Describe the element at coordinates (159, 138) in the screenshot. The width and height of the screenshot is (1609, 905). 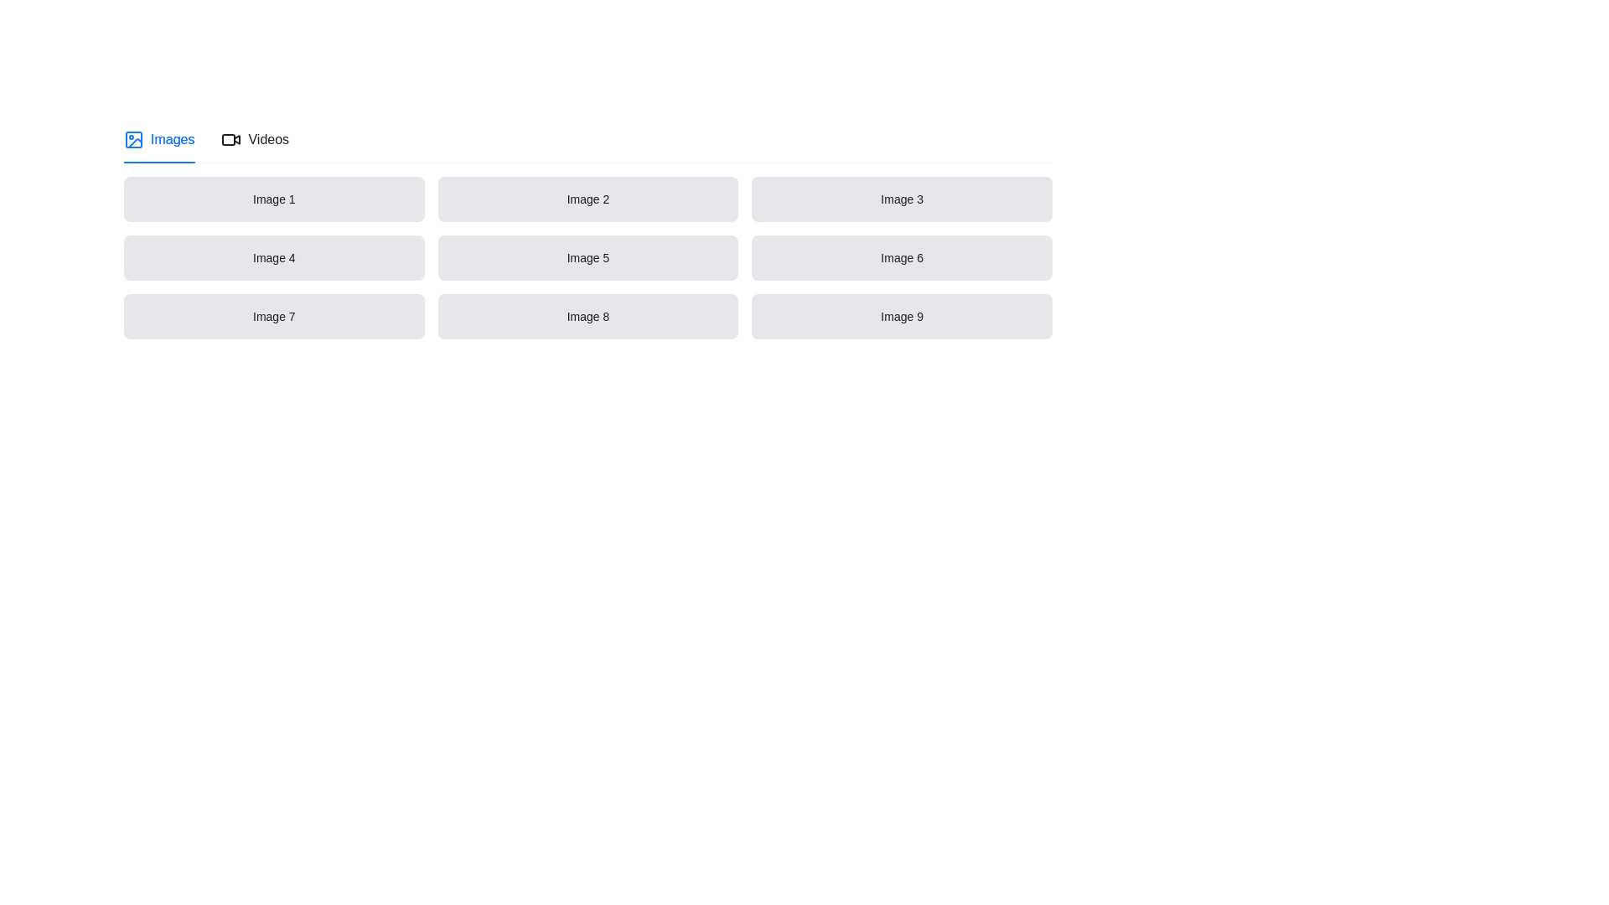
I see `the first tab in the tabbed navigation interface` at that location.